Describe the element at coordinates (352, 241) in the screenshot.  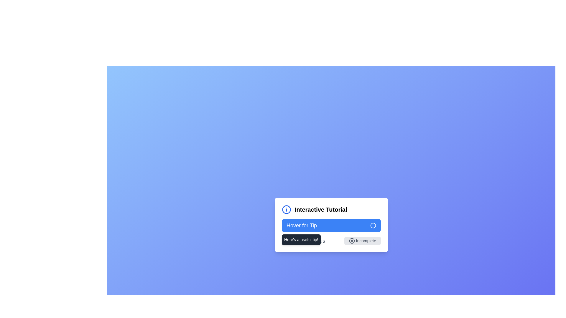
I see `the circular SVG graphic element that likely indicates a cancel, close, or error state` at that location.